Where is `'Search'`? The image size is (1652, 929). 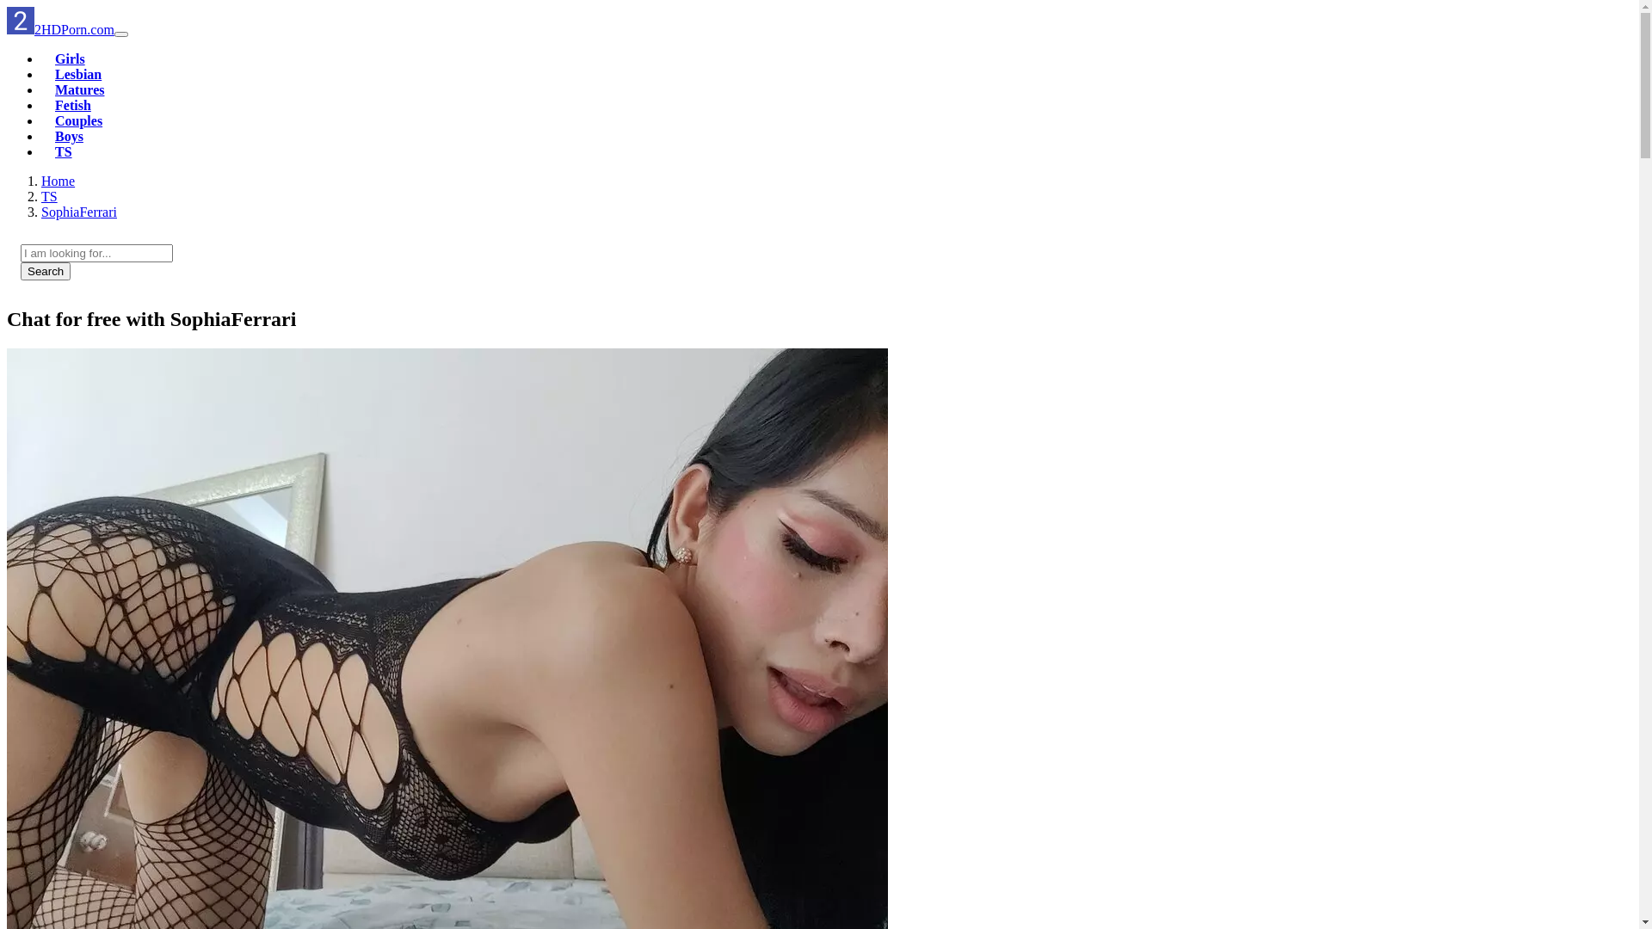
'Search' is located at coordinates (45, 271).